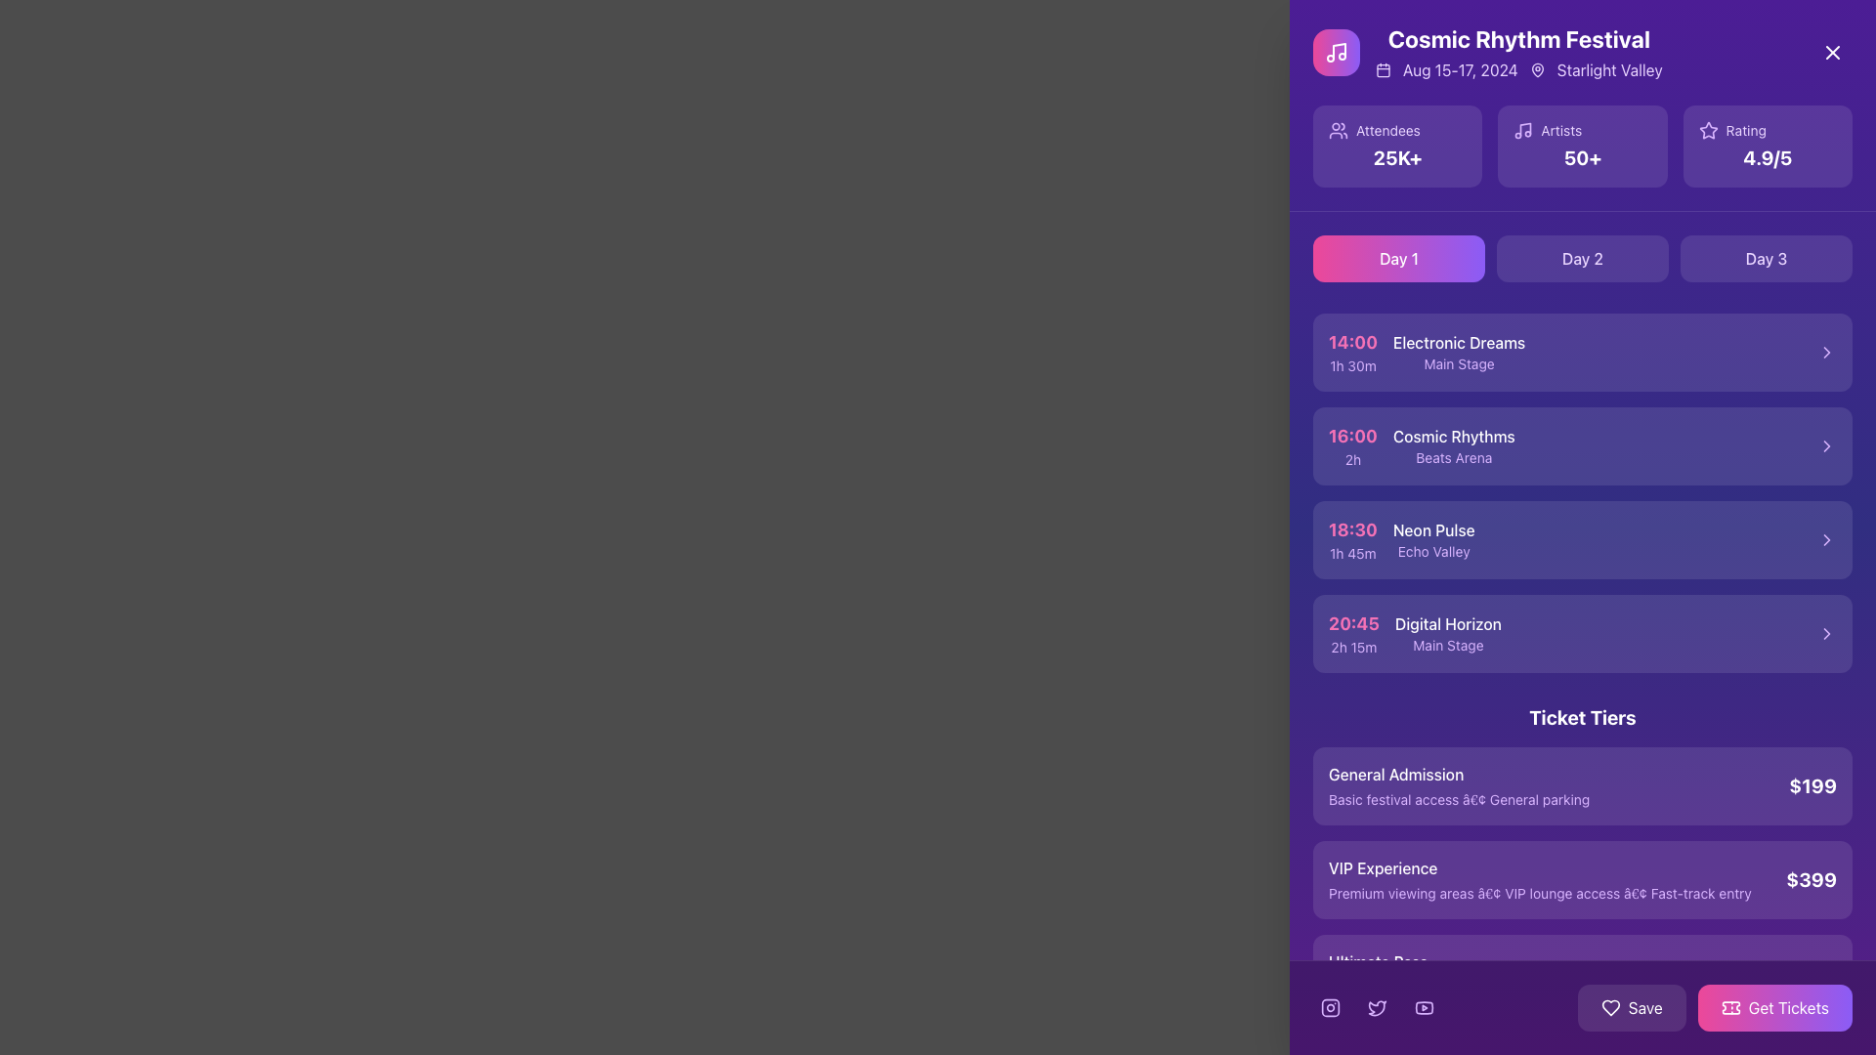  What do you see at coordinates (1583, 258) in the screenshot?
I see `the rectangular button labeled 'Day 2' with a rounded design and a gradient background` at bounding box center [1583, 258].